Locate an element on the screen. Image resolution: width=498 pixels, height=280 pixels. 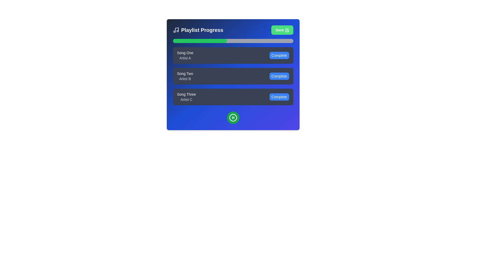
the static text label displaying the artist information for 'Song Two', which is 'Artist B' is located at coordinates (185, 79).